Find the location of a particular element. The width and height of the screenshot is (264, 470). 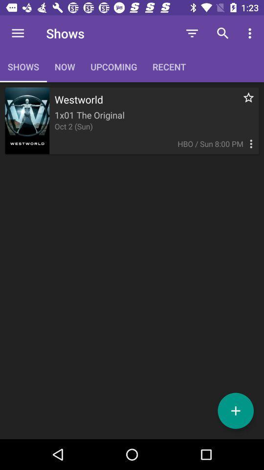

the icon to the right of the upcoming icon is located at coordinates (192, 33).